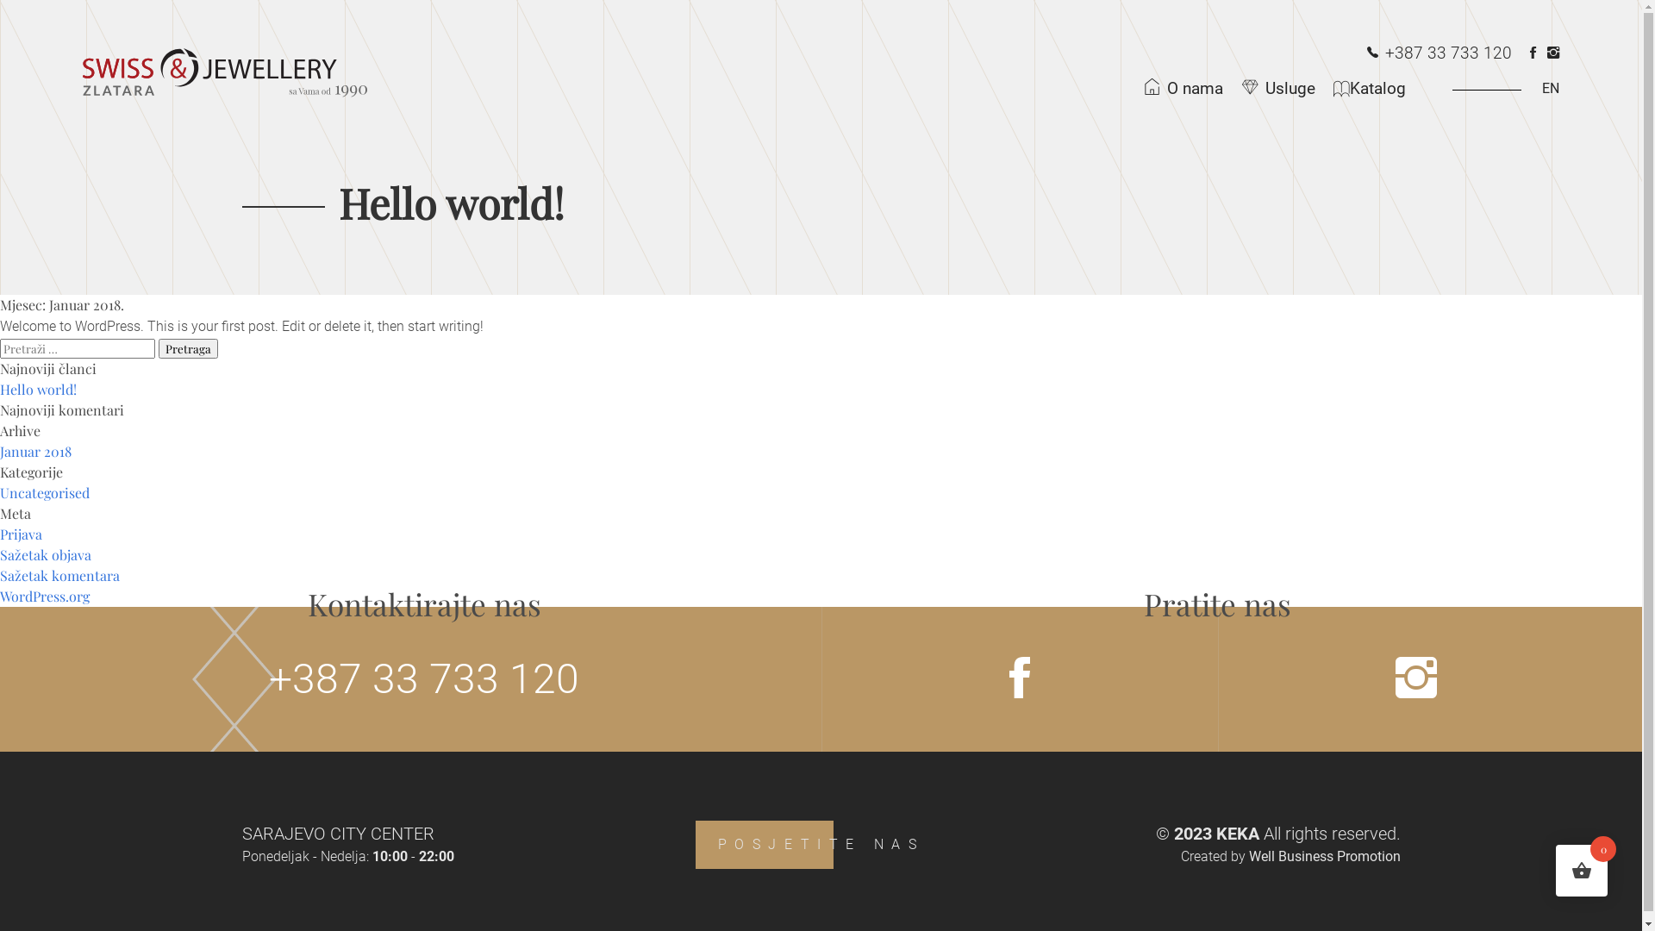 Image resolution: width=1655 pixels, height=931 pixels. I want to click on 'EN', so click(1494, 89).